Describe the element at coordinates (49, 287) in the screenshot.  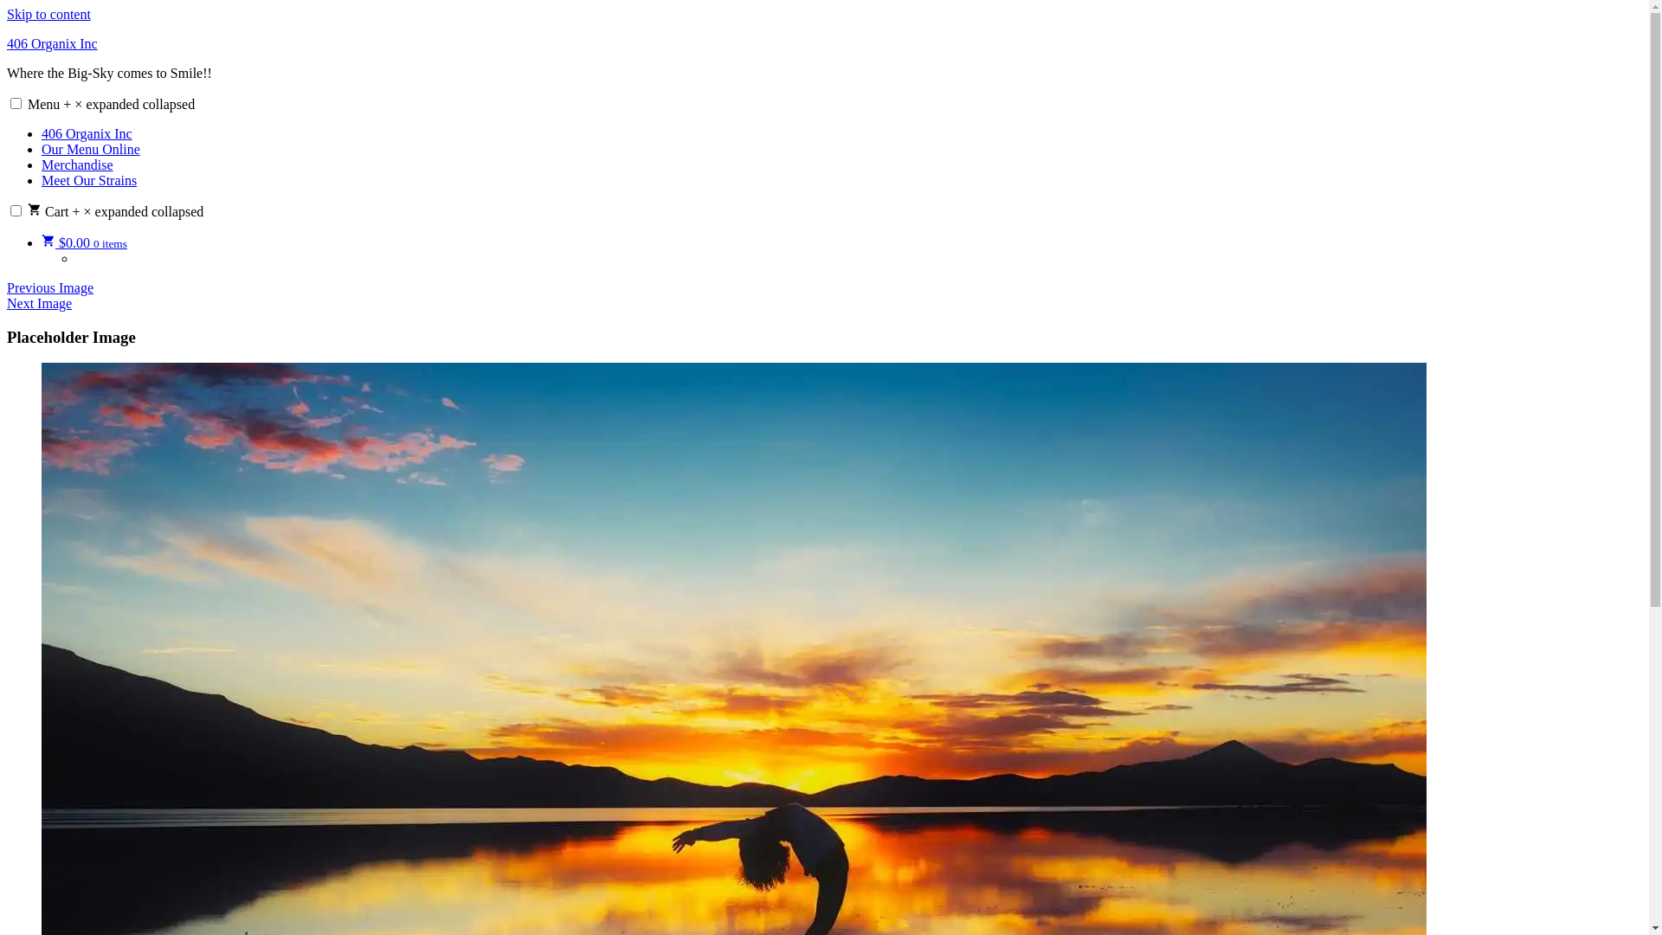
I see `'Previous Image'` at that location.